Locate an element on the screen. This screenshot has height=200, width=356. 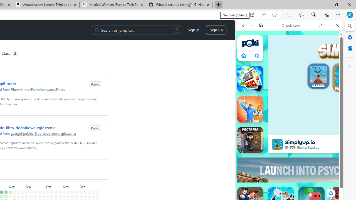
'No contributions on December 23rd.' is located at coordinates (93, 196).